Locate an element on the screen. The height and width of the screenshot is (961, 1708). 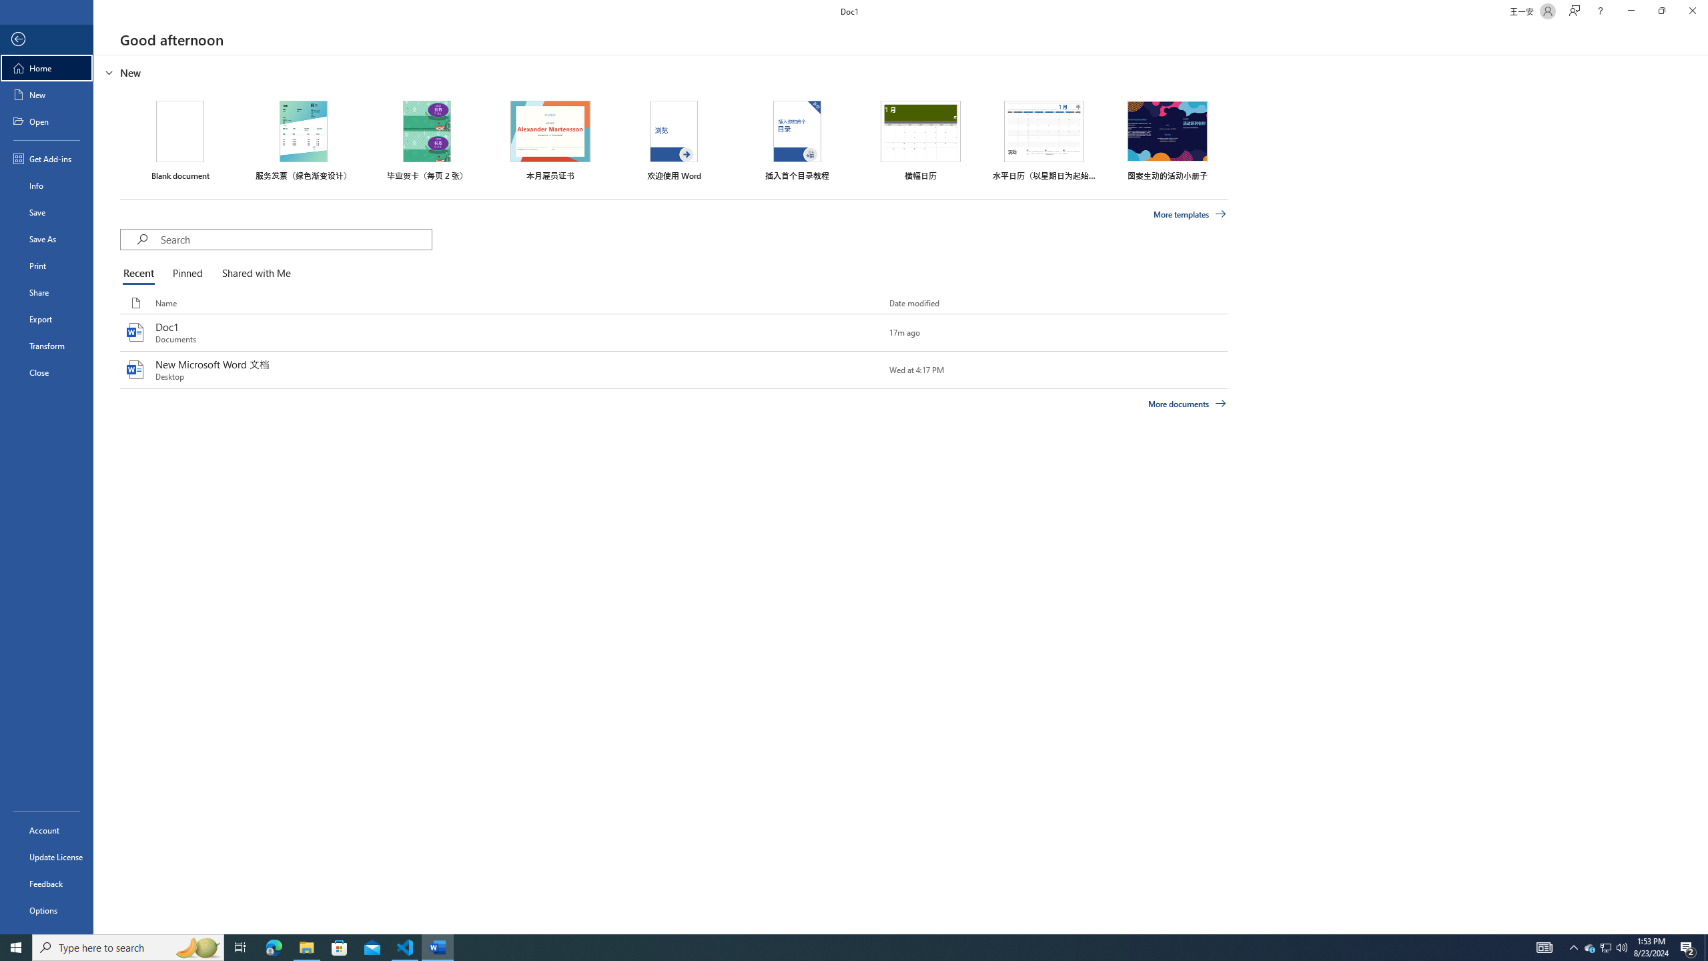
'Save' is located at coordinates (46, 212).